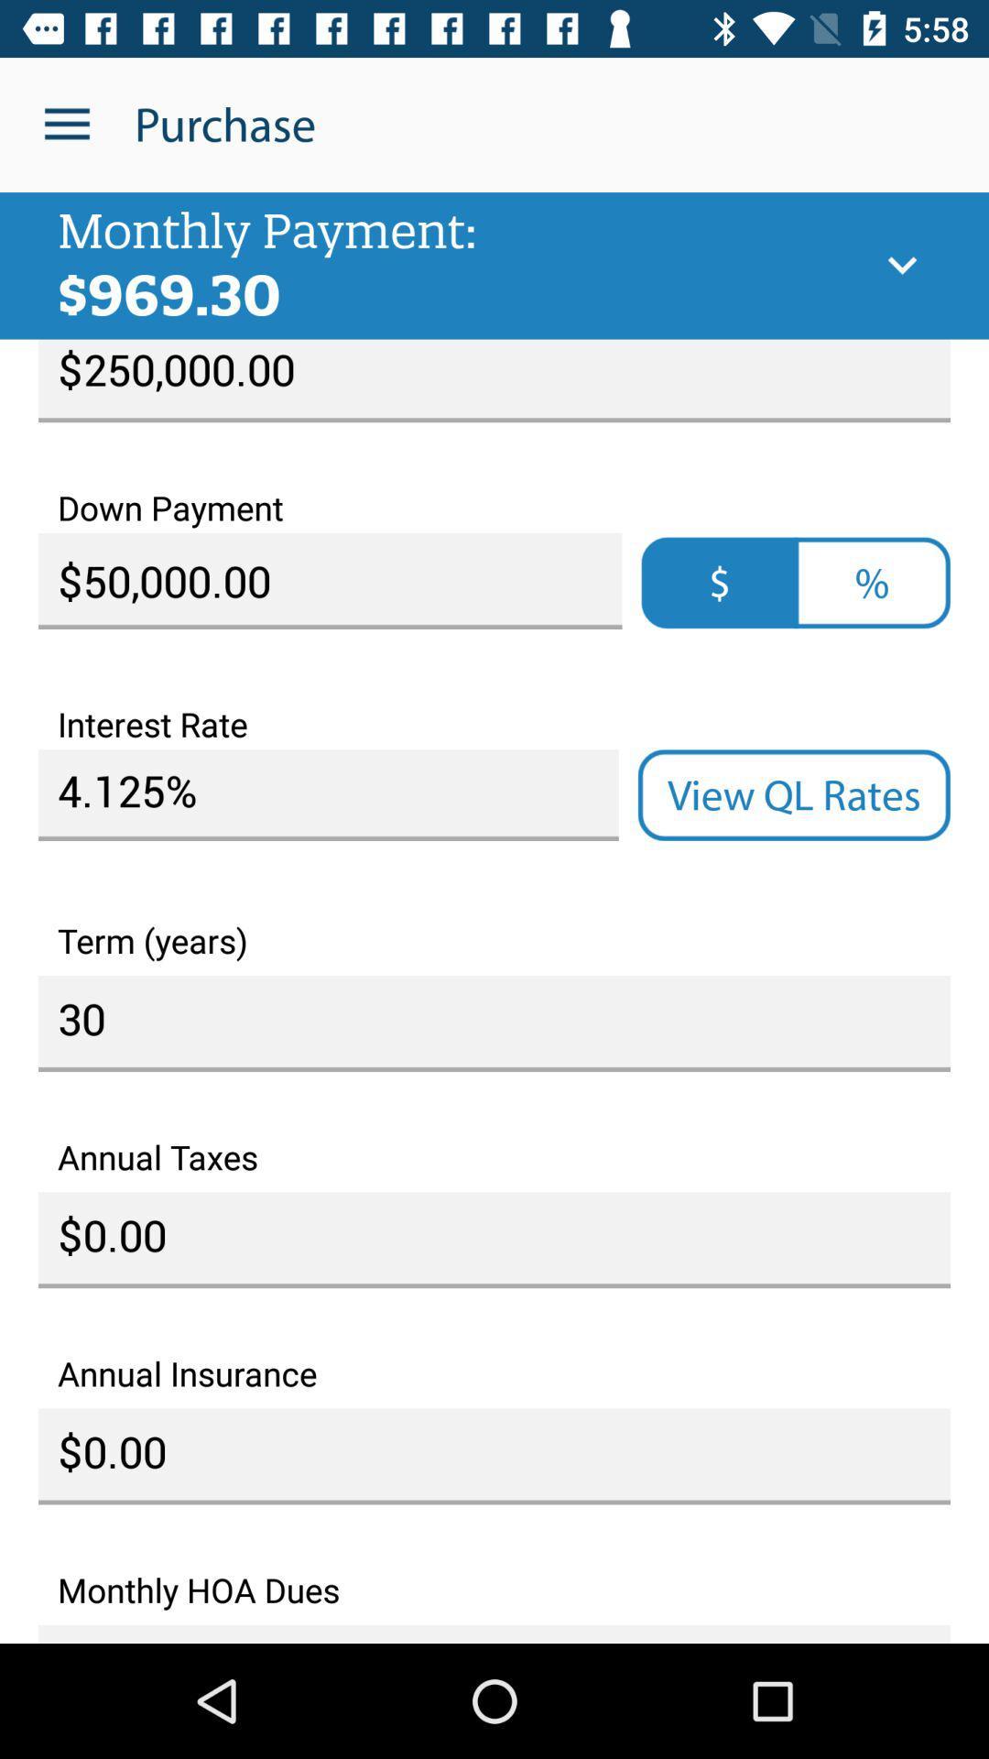 The height and width of the screenshot is (1759, 989). What do you see at coordinates (871, 582) in the screenshot?
I see `%` at bounding box center [871, 582].